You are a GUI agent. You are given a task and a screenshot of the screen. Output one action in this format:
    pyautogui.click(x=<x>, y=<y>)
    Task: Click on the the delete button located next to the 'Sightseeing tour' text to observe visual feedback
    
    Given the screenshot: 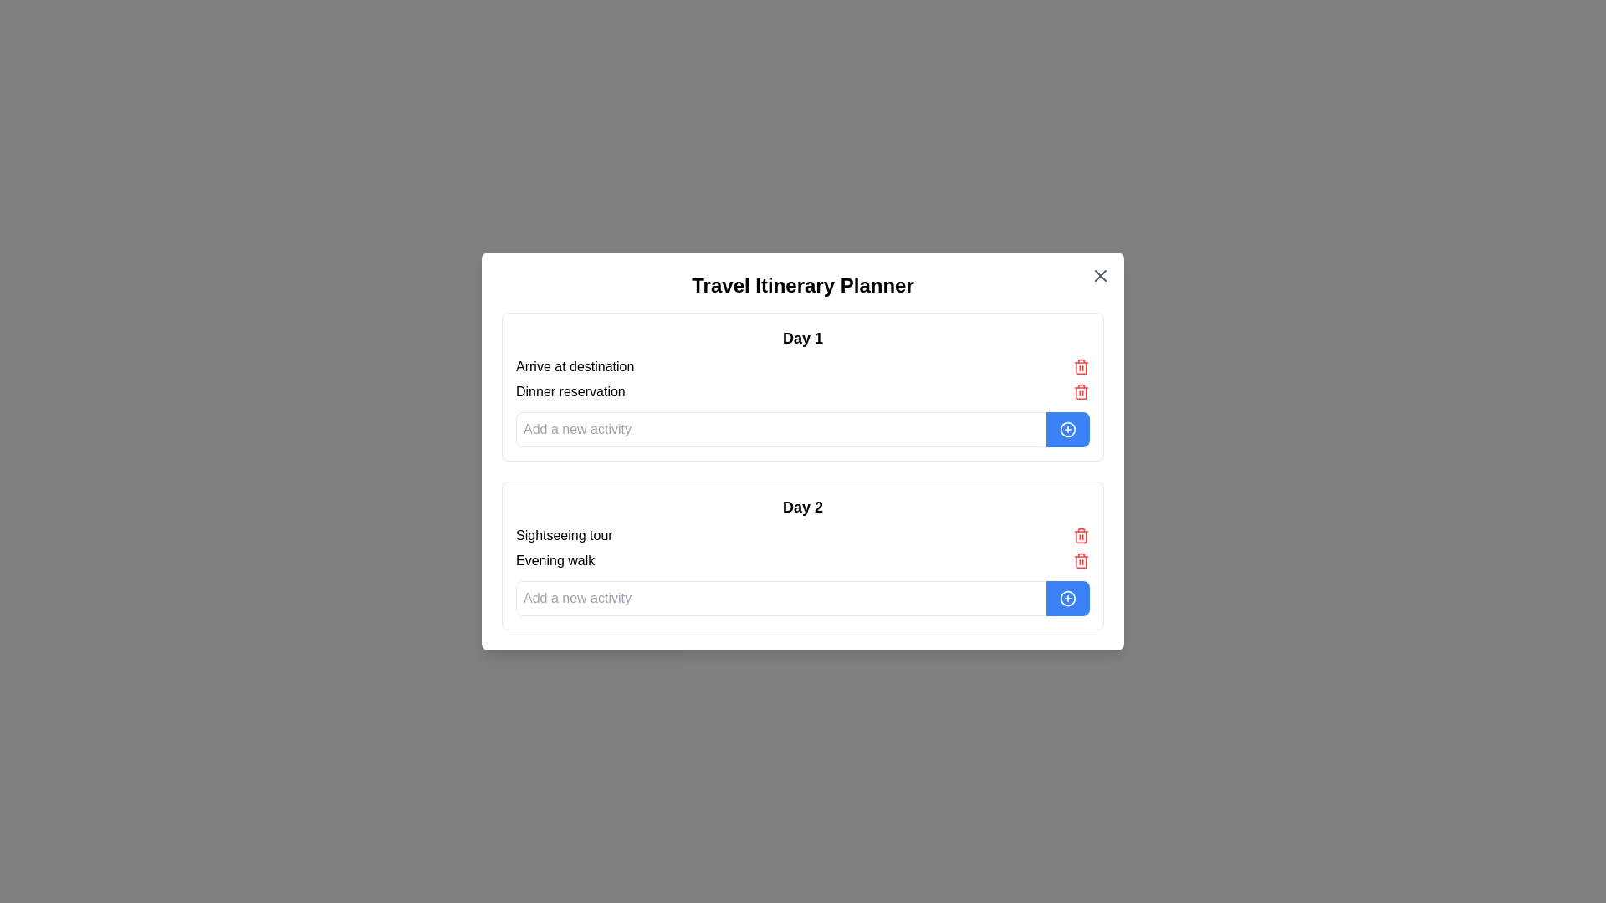 What is the action you would take?
    pyautogui.click(x=1081, y=535)
    